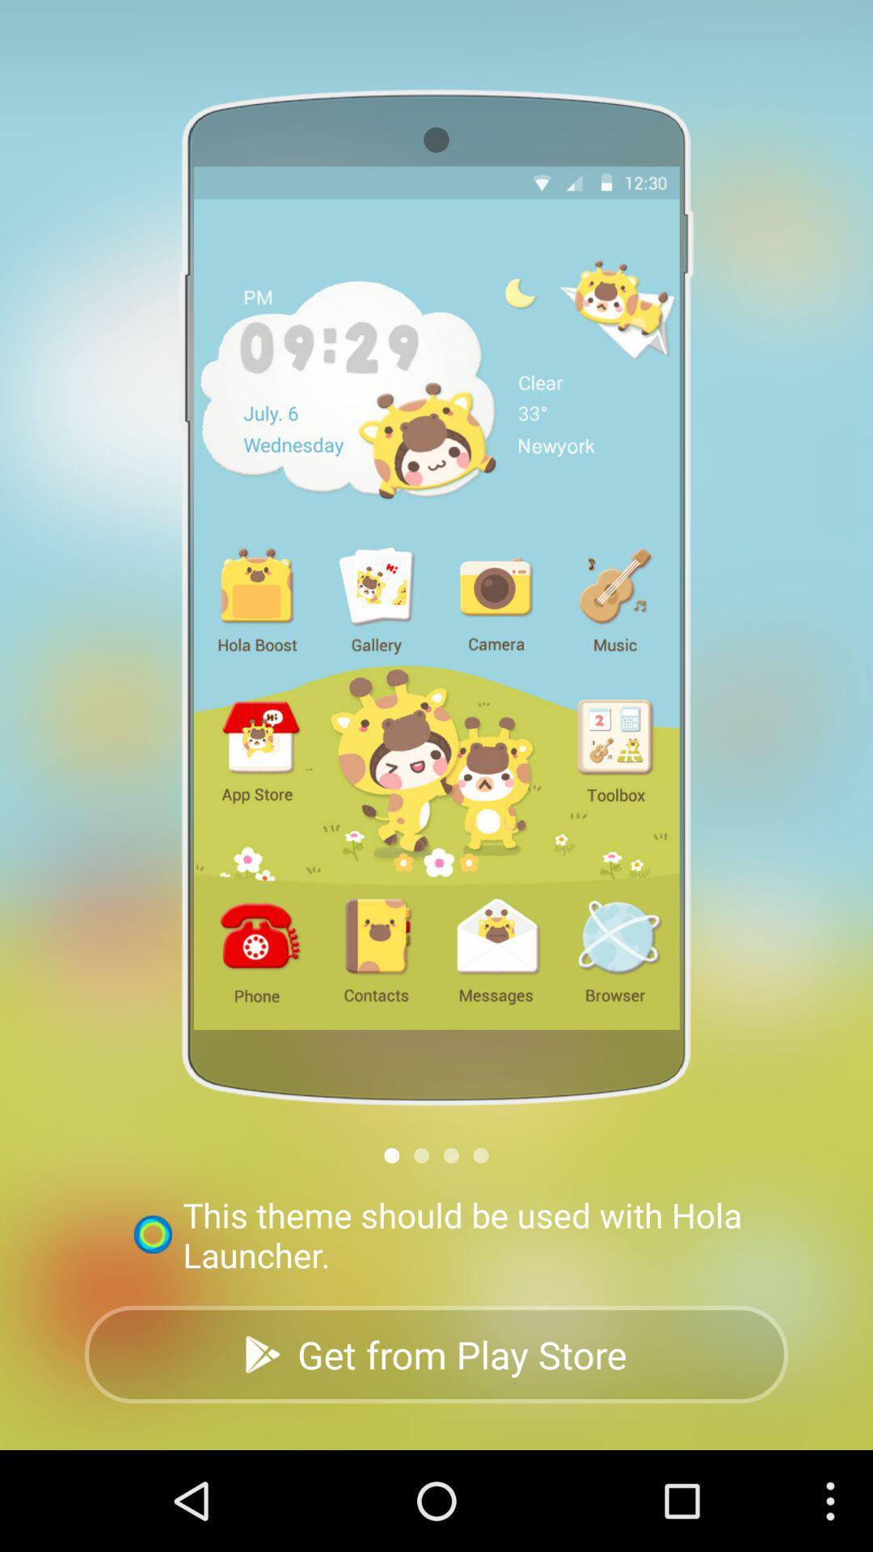 Image resolution: width=873 pixels, height=1552 pixels. What do you see at coordinates (451, 1154) in the screenshot?
I see `next` at bounding box center [451, 1154].